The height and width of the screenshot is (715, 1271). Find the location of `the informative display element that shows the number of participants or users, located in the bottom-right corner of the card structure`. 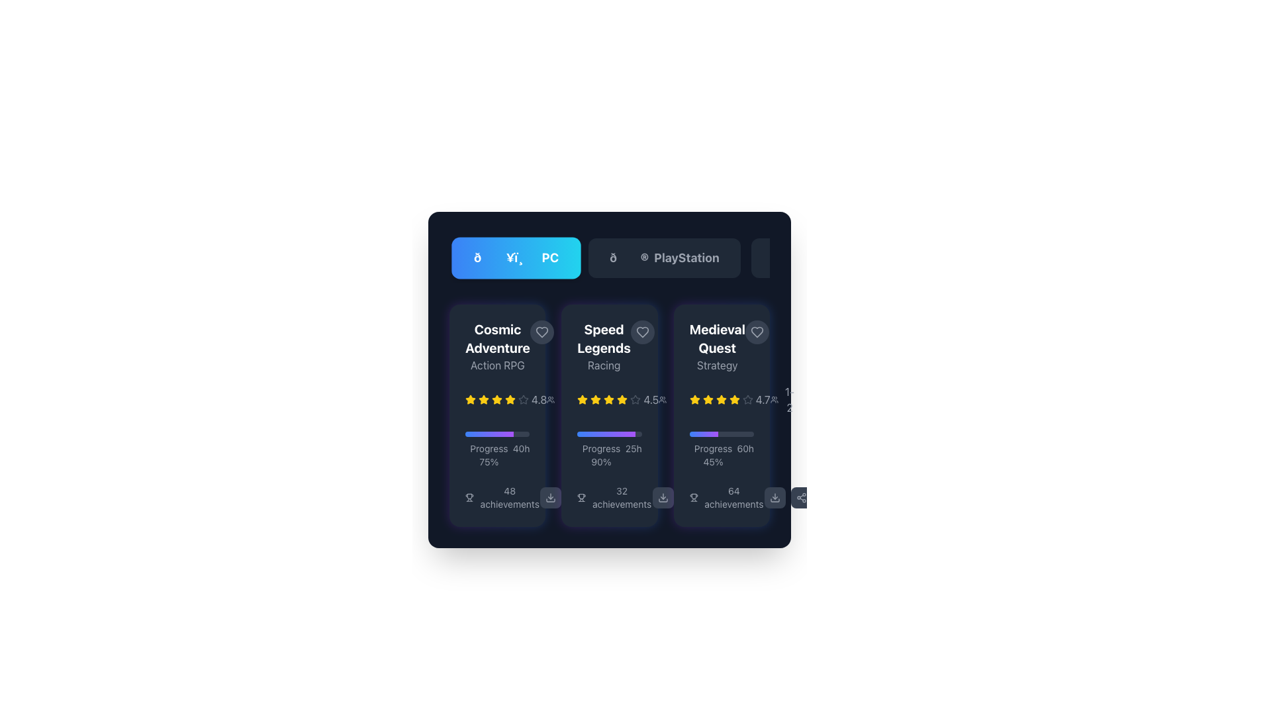

the informative display element that shows the number of participants or users, located in the bottom-right corner of the card structure is located at coordinates (671, 399).